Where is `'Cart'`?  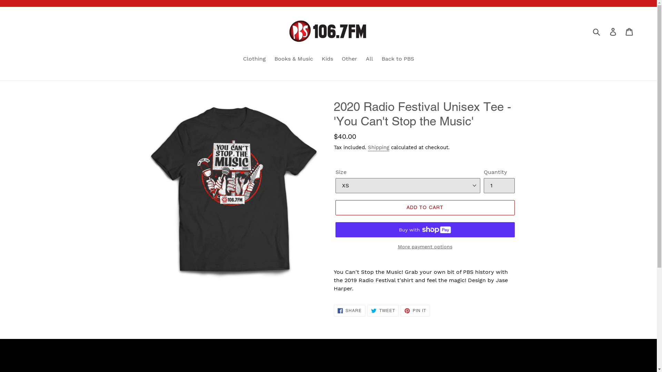 'Cart' is located at coordinates (630, 32).